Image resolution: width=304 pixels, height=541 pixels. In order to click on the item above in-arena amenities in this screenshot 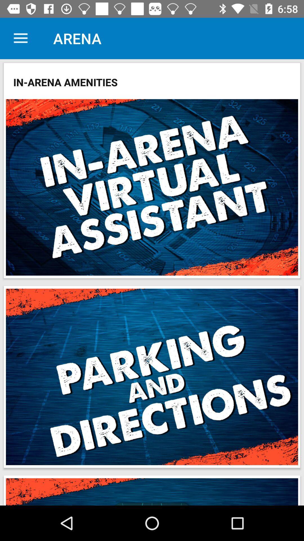, I will do `click(20, 38)`.